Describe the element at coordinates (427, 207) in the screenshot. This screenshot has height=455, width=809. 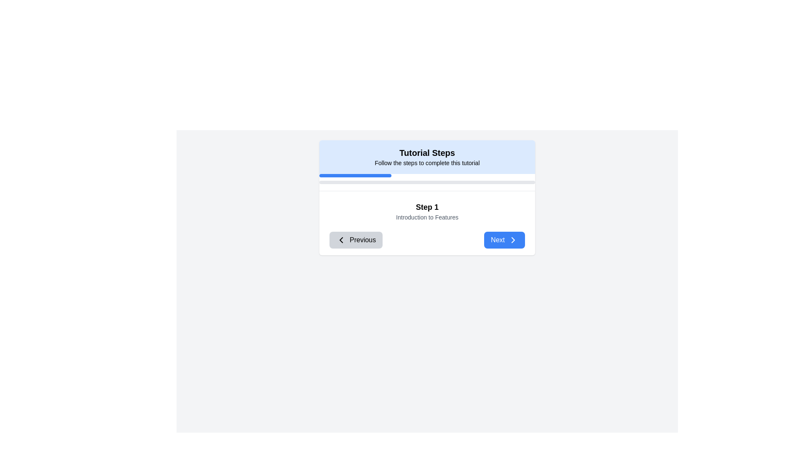
I see `the bold text label displaying 'Step 1', which is centrally aligned inside a blue-bordered panel and located above the text 'Introduction to Features'` at that location.